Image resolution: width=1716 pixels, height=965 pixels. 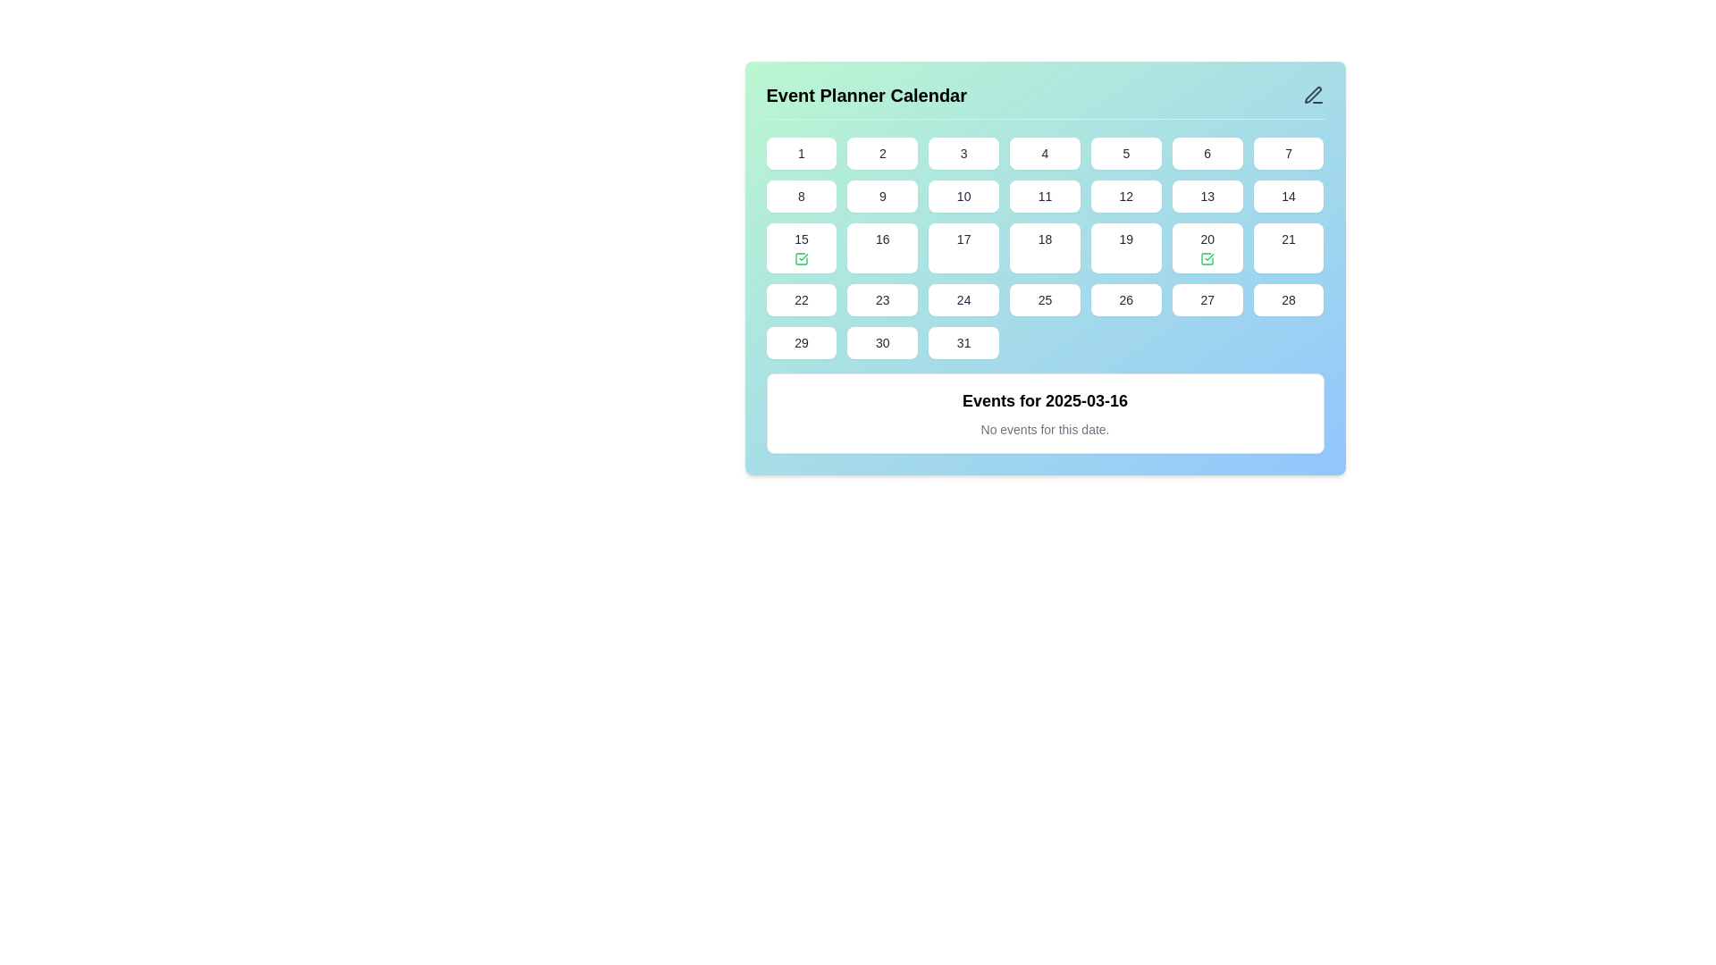 What do you see at coordinates (882, 248) in the screenshot?
I see `the day selector button labeled '16' in the calendar interface` at bounding box center [882, 248].